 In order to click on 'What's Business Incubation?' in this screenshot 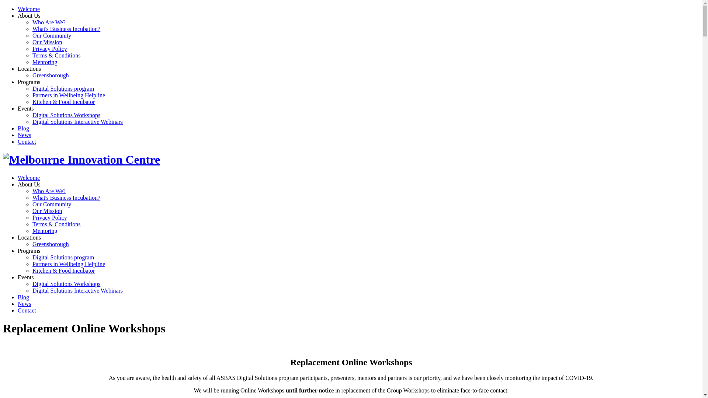, I will do `click(66, 197)`.